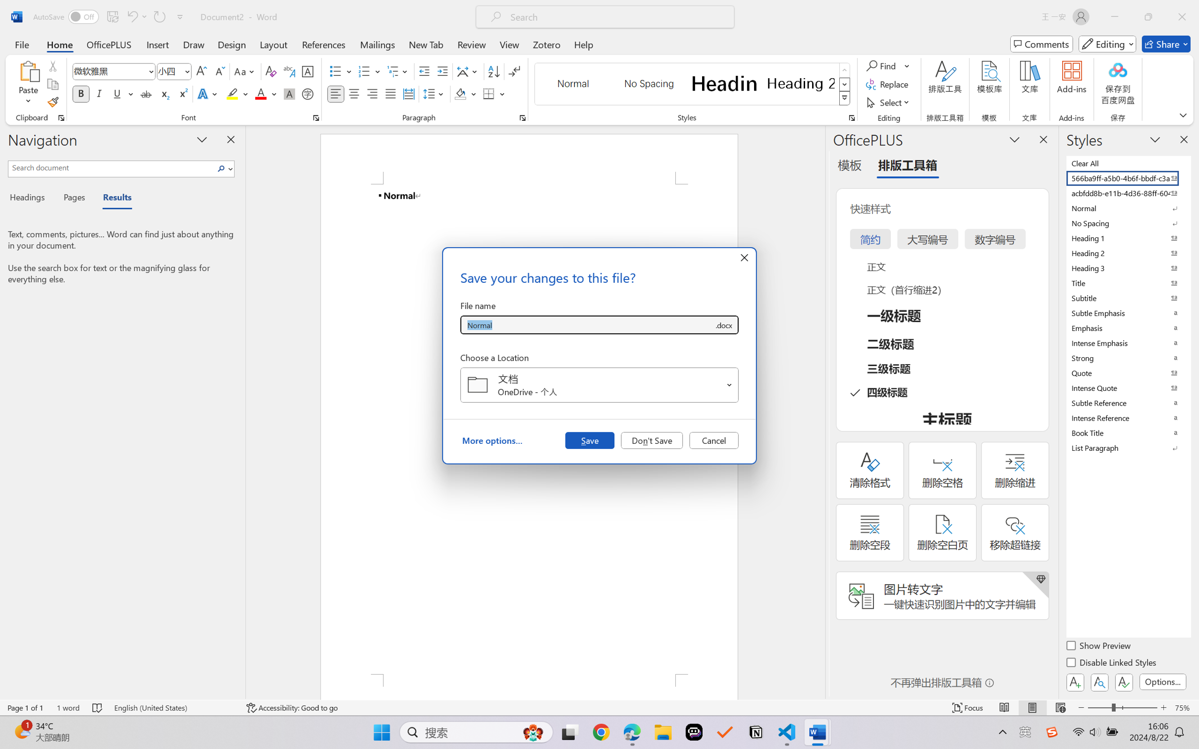 The width and height of the screenshot is (1199, 749). Describe the element at coordinates (66, 16) in the screenshot. I see `'AutoSave'` at that location.